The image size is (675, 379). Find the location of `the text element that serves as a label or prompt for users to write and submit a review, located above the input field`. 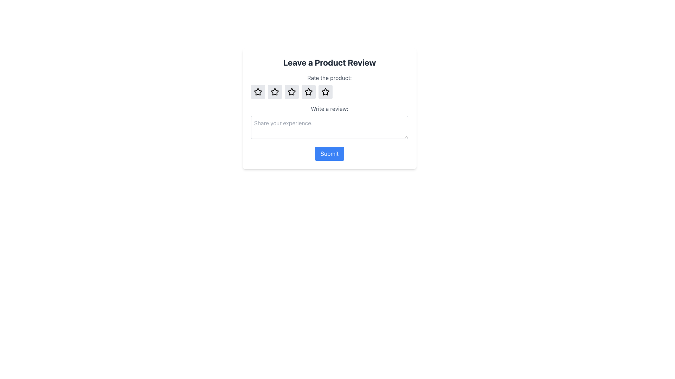

the text element that serves as a label or prompt for users to write and submit a review, located above the input field is located at coordinates (329, 108).